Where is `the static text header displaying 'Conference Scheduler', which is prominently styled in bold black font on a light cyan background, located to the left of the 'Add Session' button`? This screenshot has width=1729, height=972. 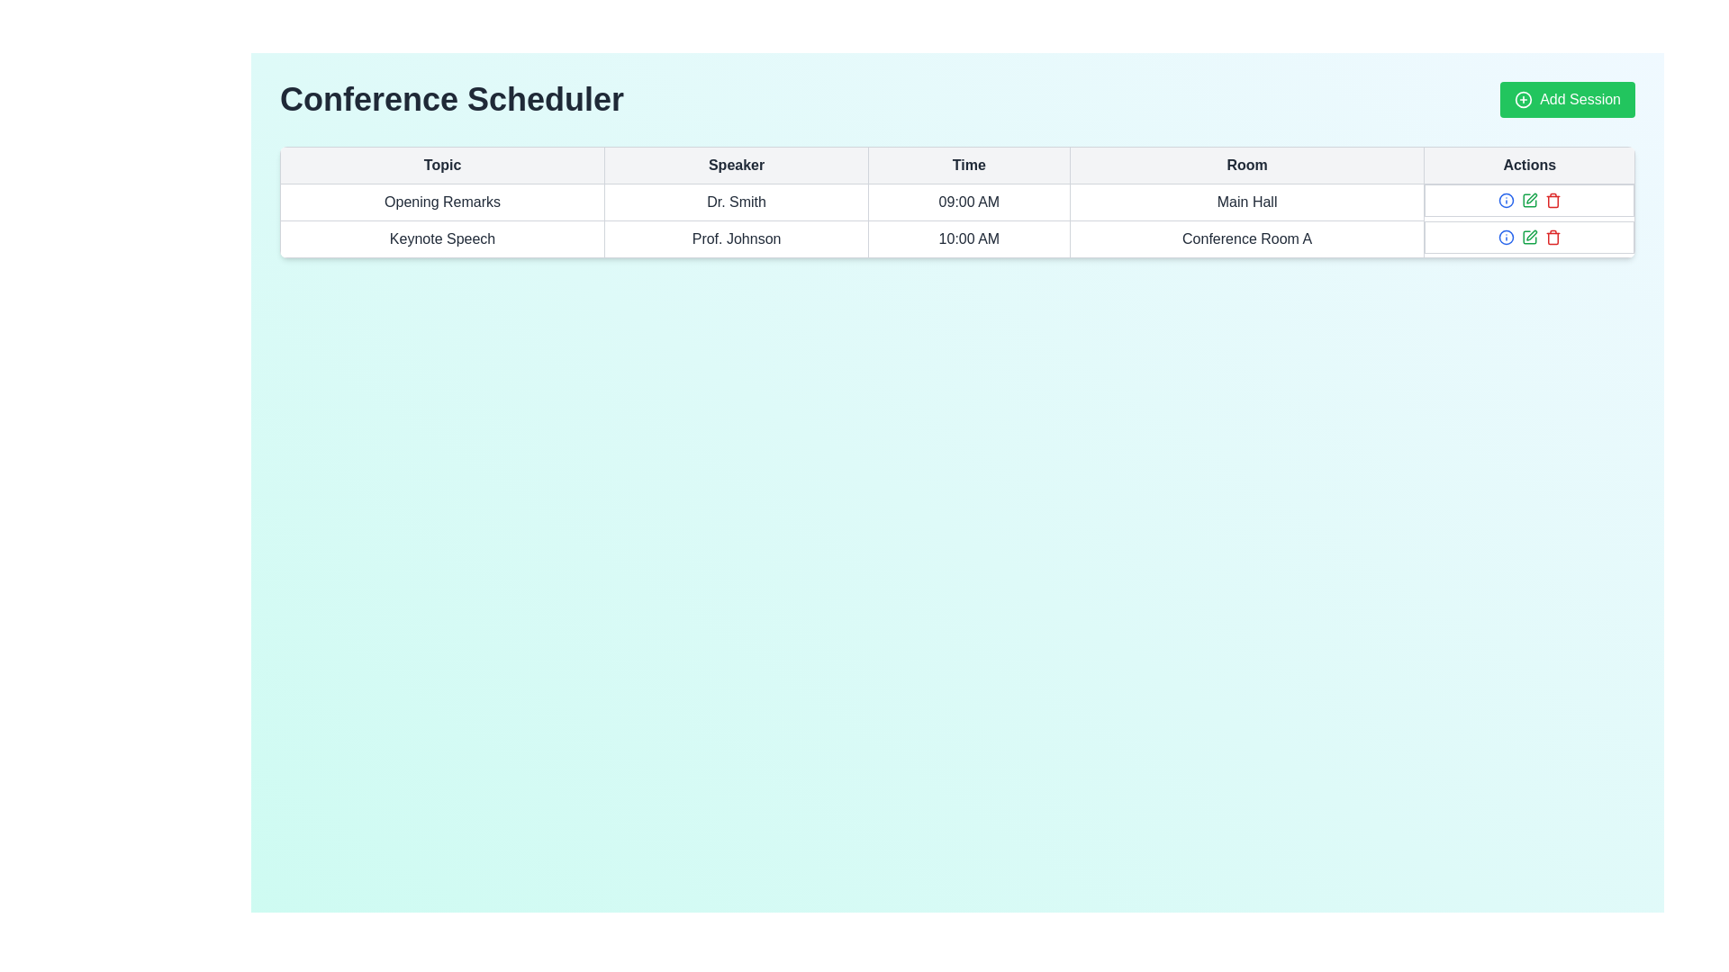
the static text header displaying 'Conference Scheduler', which is prominently styled in bold black font on a light cyan background, located to the left of the 'Add Session' button is located at coordinates (452, 100).